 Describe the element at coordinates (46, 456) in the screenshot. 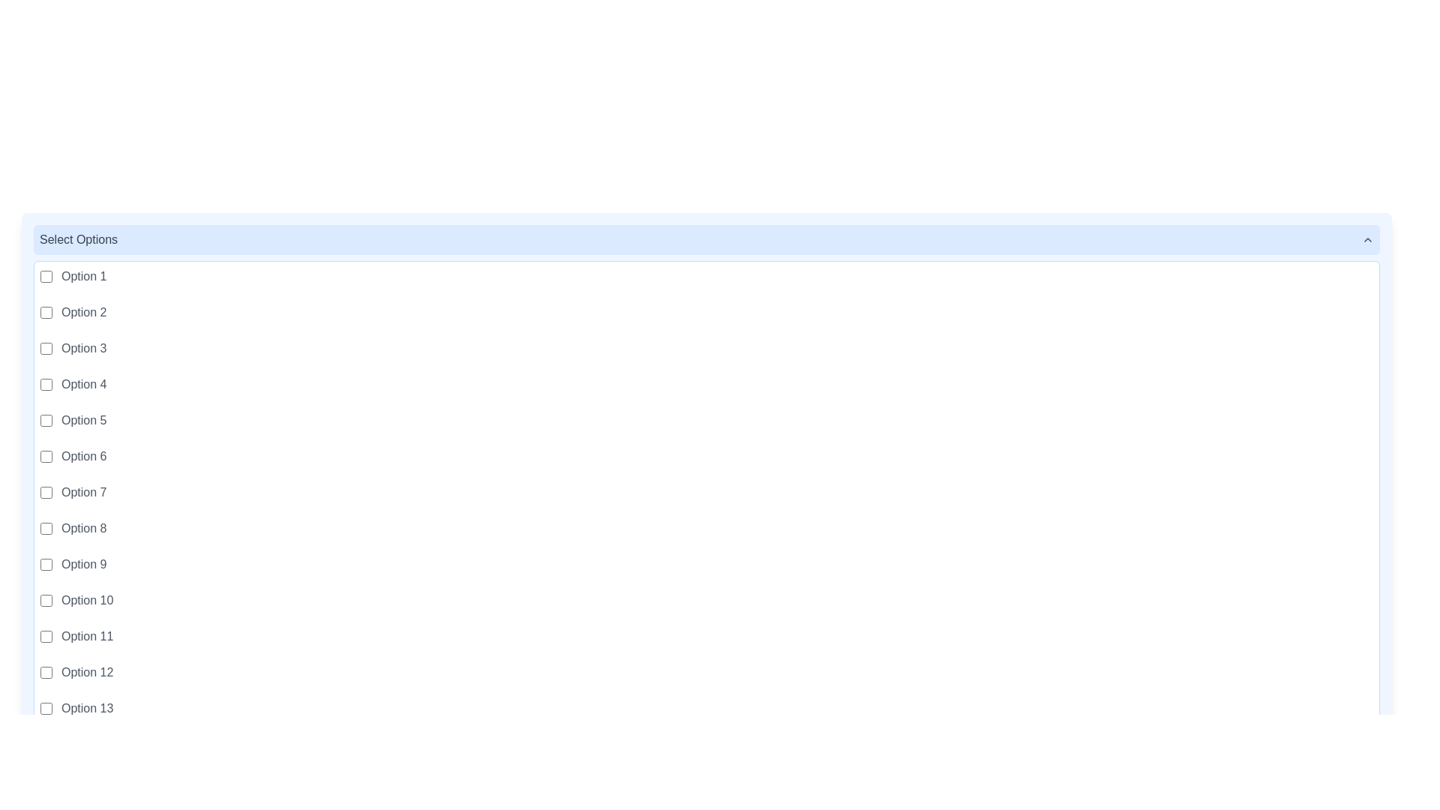

I see `the checkbox next to 'Option 6' by` at that location.